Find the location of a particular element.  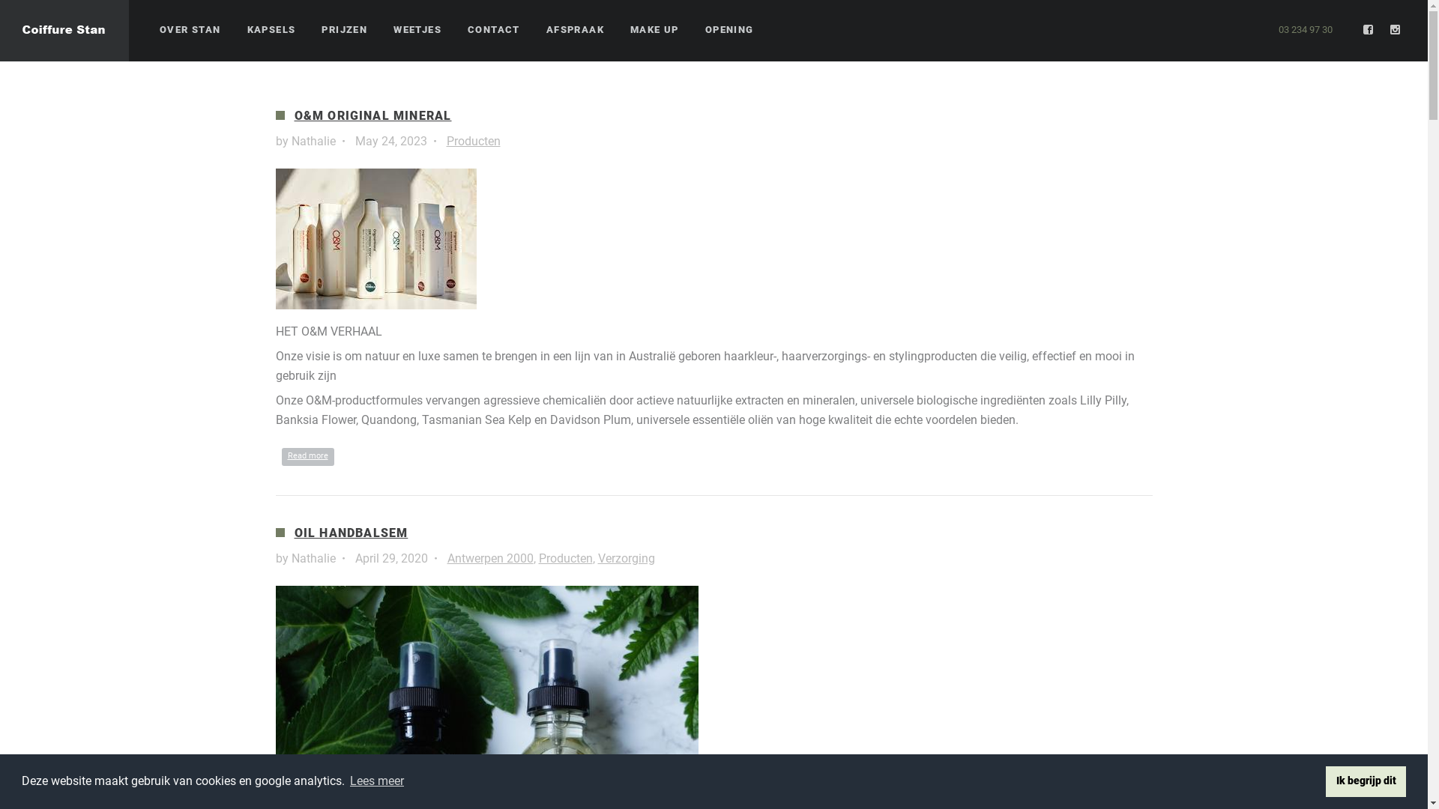

'PRIJZEN' is located at coordinates (320, 30).